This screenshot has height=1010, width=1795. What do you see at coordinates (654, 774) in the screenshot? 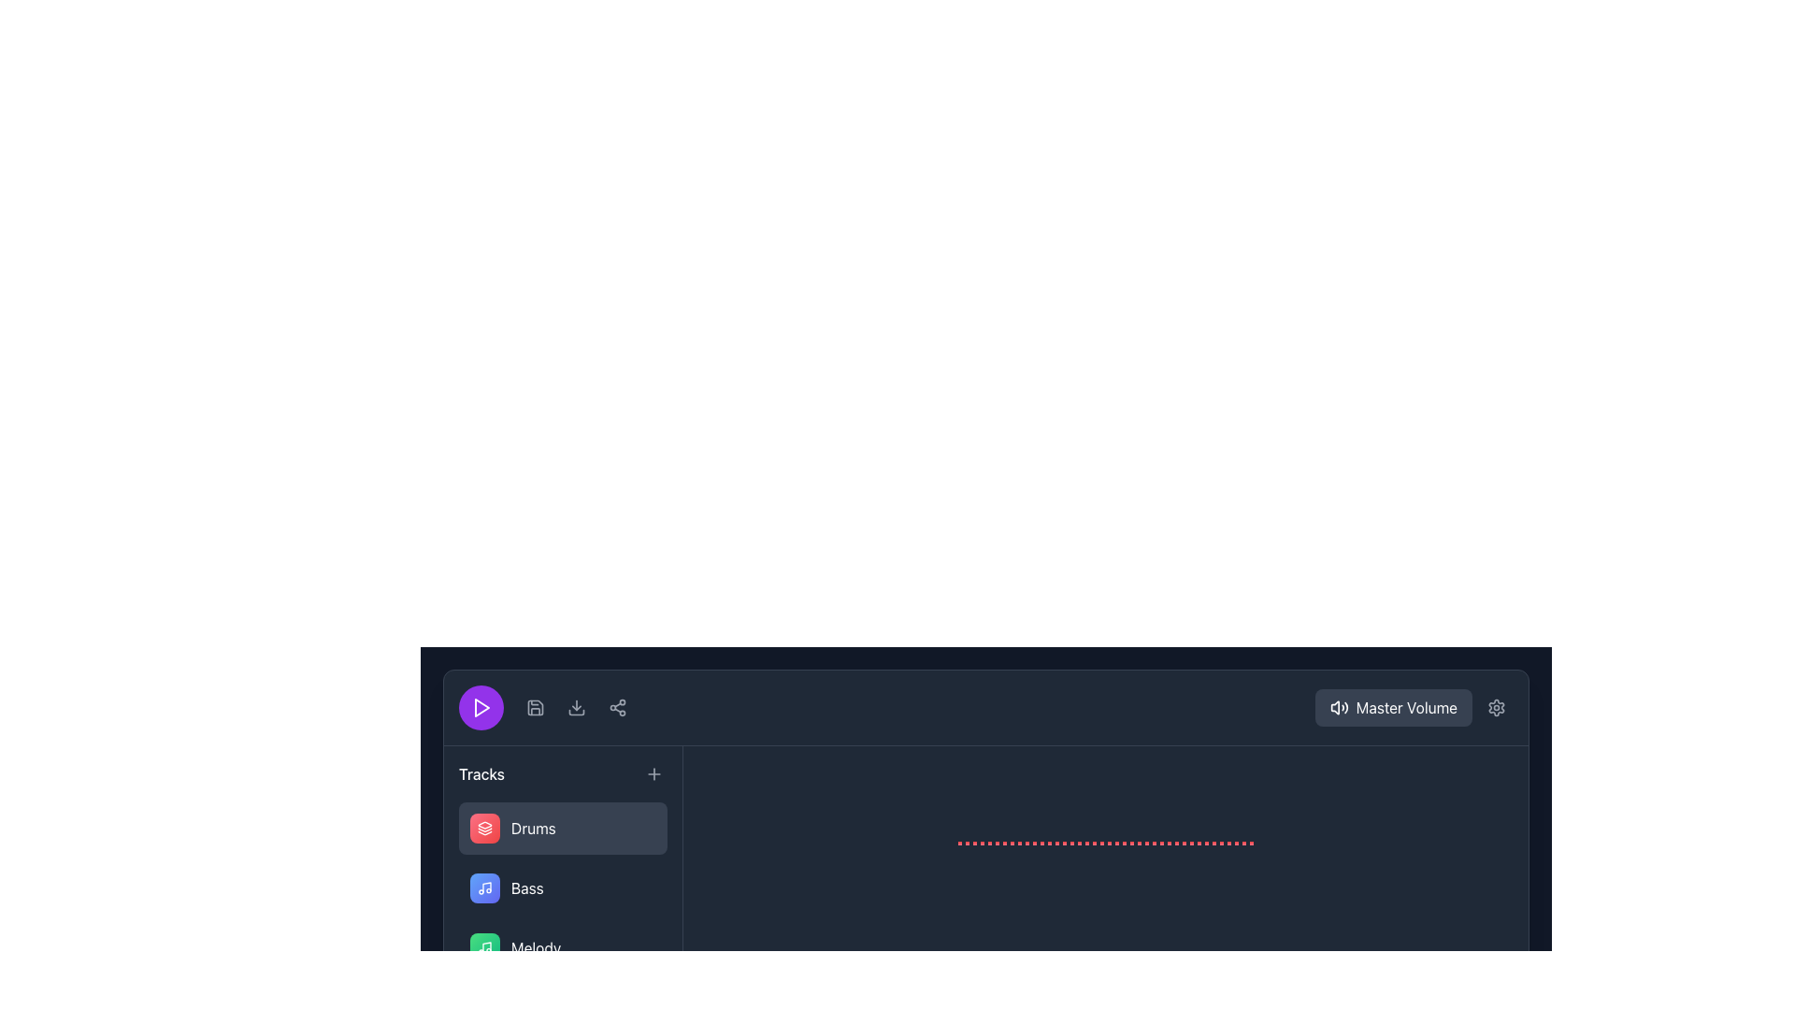
I see `the gray plus sign icon button located in the upper-right corner of the 'Tracks' section` at bounding box center [654, 774].